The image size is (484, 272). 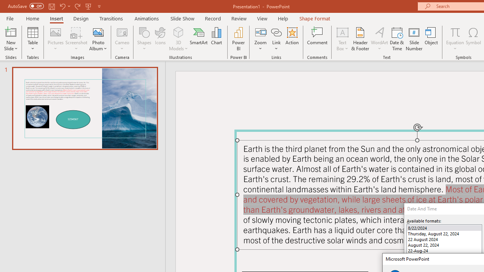 What do you see at coordinates (261, 39) in the screenshot?
I see `'Zoom'` at bounding box center [261, 39].